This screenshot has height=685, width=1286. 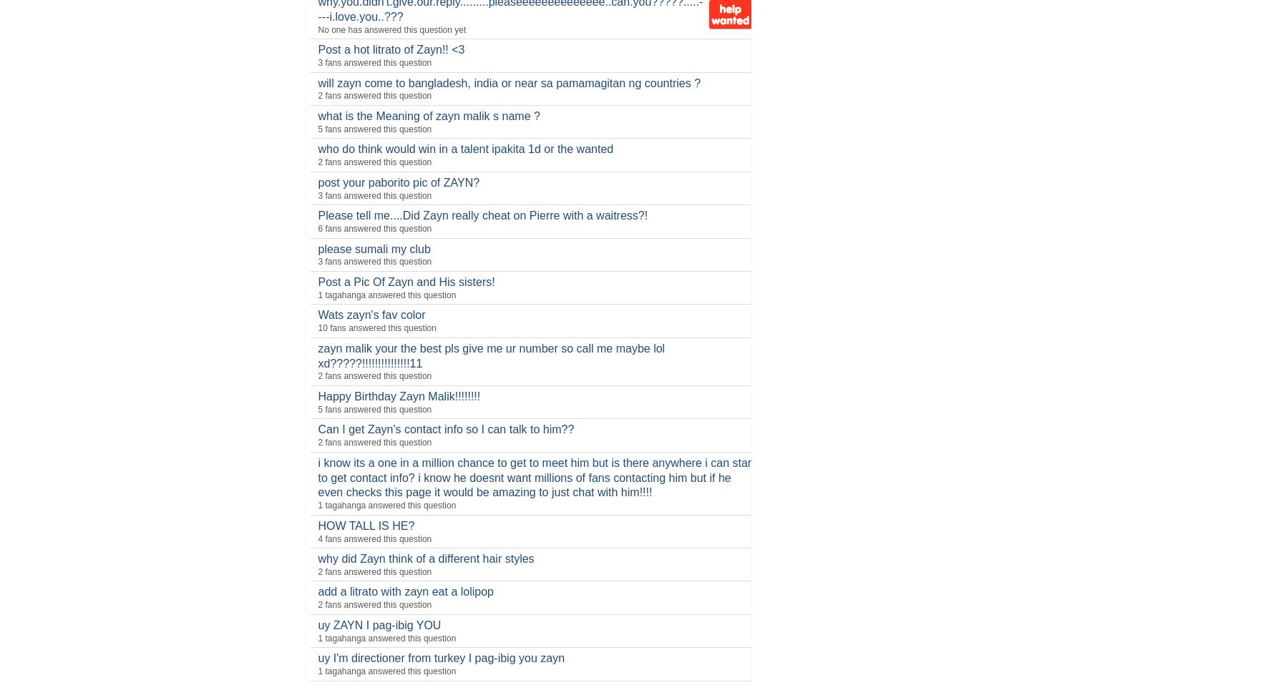 I want to click on 'why did Zayn think of a different hair styles', so click(x=425, y=558).